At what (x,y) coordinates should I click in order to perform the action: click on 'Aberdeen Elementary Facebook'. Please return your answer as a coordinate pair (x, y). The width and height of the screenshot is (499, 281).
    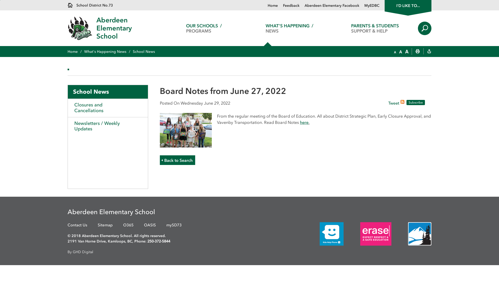
    Looking at the image, I should click on (329, 5).